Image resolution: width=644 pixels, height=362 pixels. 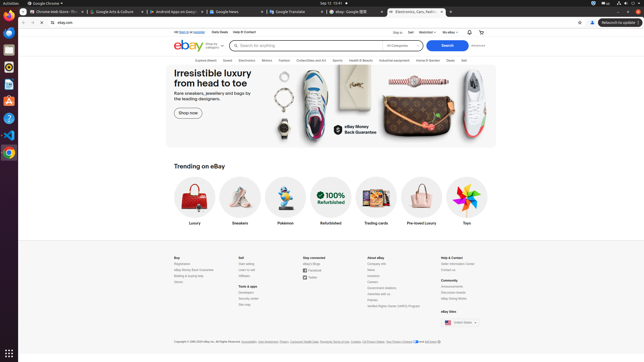 I want to click on 'Visual Studio Code', so click(x=9, y=135).